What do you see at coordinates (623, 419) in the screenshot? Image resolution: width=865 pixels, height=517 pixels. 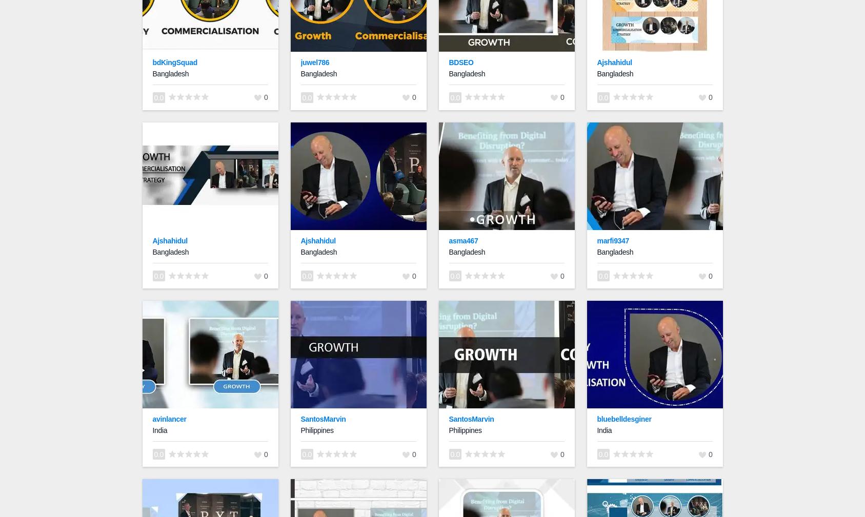 I see `'bluebelldesginer'` at bounding box center [623, 419].